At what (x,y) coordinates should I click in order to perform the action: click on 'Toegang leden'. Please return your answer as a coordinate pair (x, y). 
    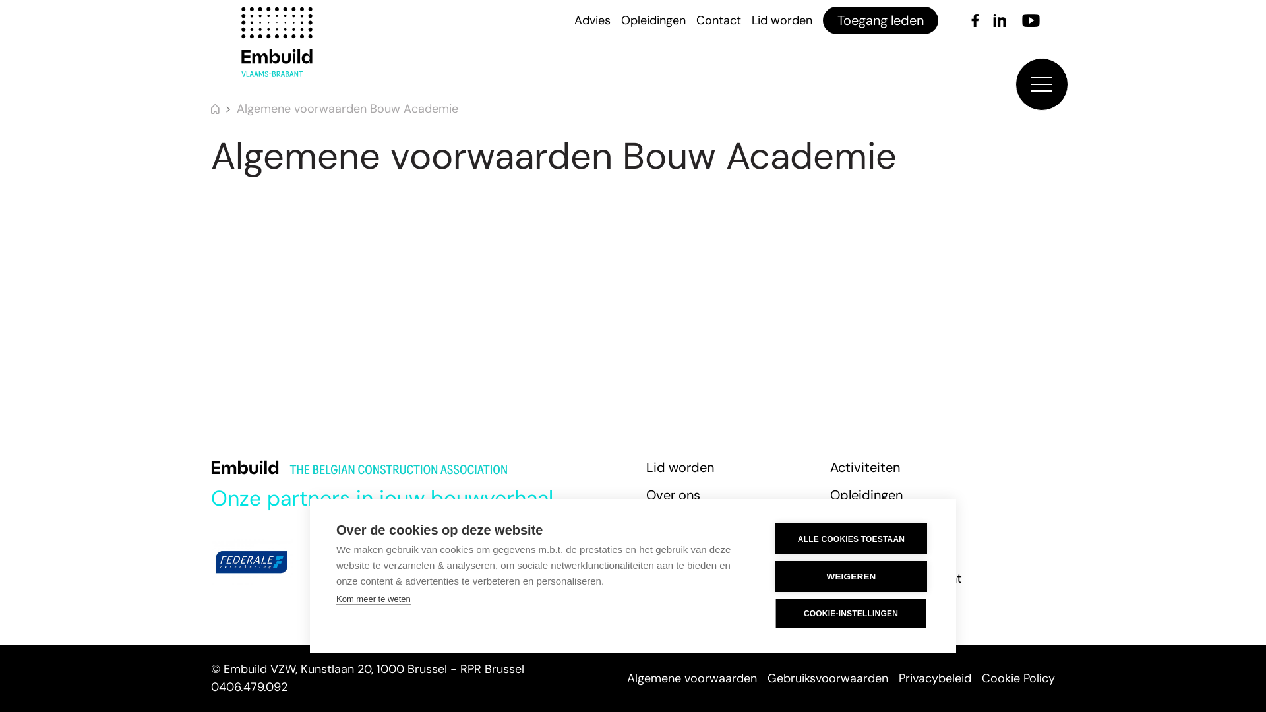
    Looking at the image, I should click on (880, 20).